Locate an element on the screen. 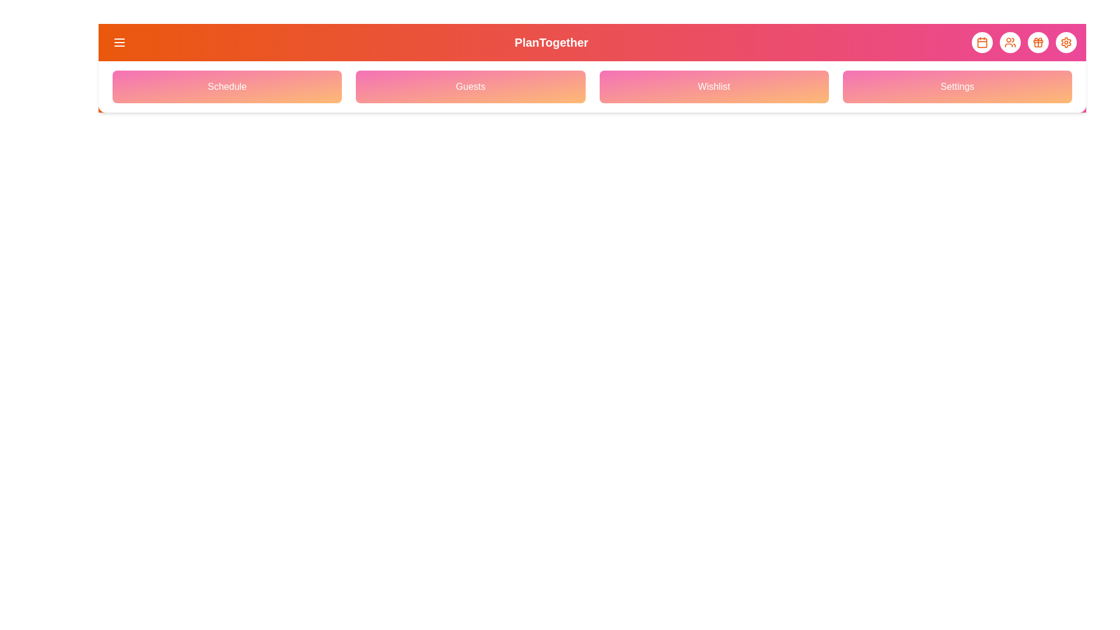 The height and width of the screenshot is (630, 1120). the menu icon to toggle the navigation menu is located at coordinates (120, 42).